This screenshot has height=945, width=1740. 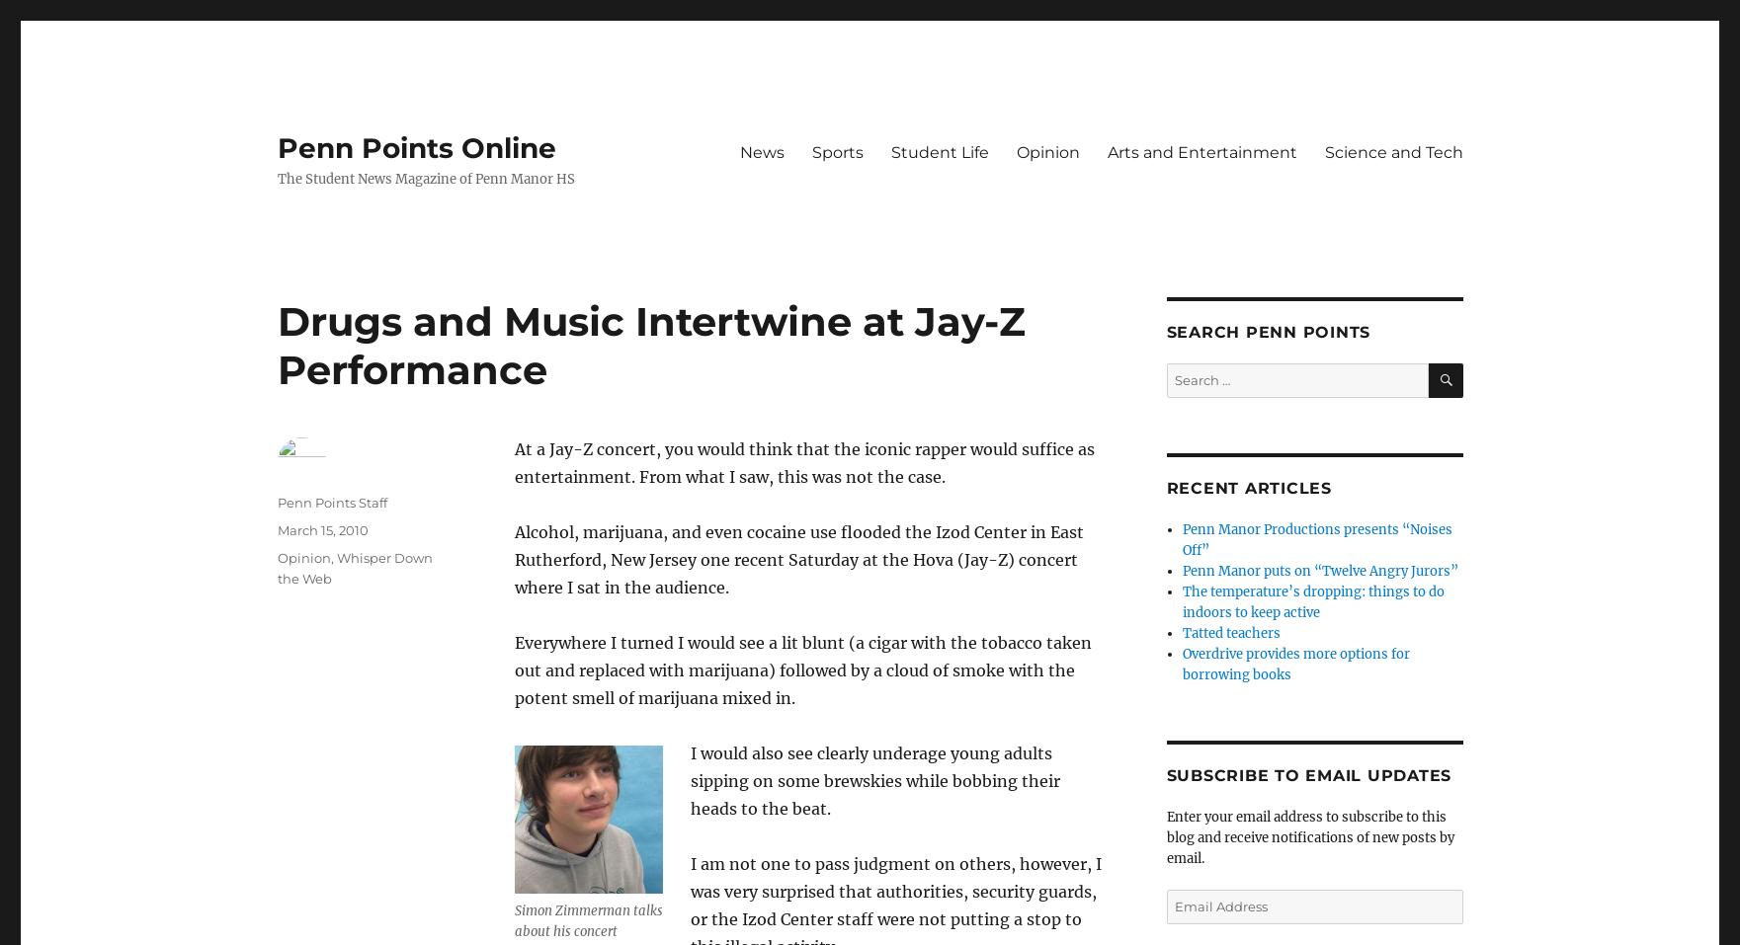 What do you see at coordinates (330, 503) in the screenshot?
I see `'Penn Points Staff'` at bounding box center [330, 503].